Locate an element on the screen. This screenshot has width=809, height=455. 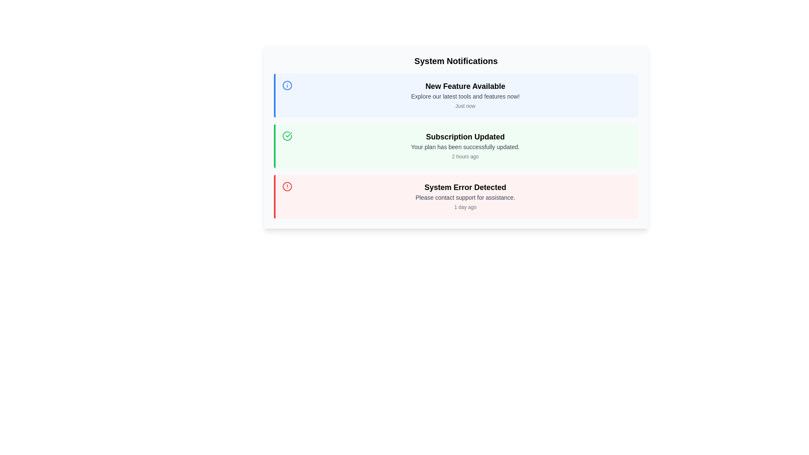
the 'System Notifications' text label, which is a bold and large section header prominently displayed at the top of the notifications section is located at coordinates (455, 61).